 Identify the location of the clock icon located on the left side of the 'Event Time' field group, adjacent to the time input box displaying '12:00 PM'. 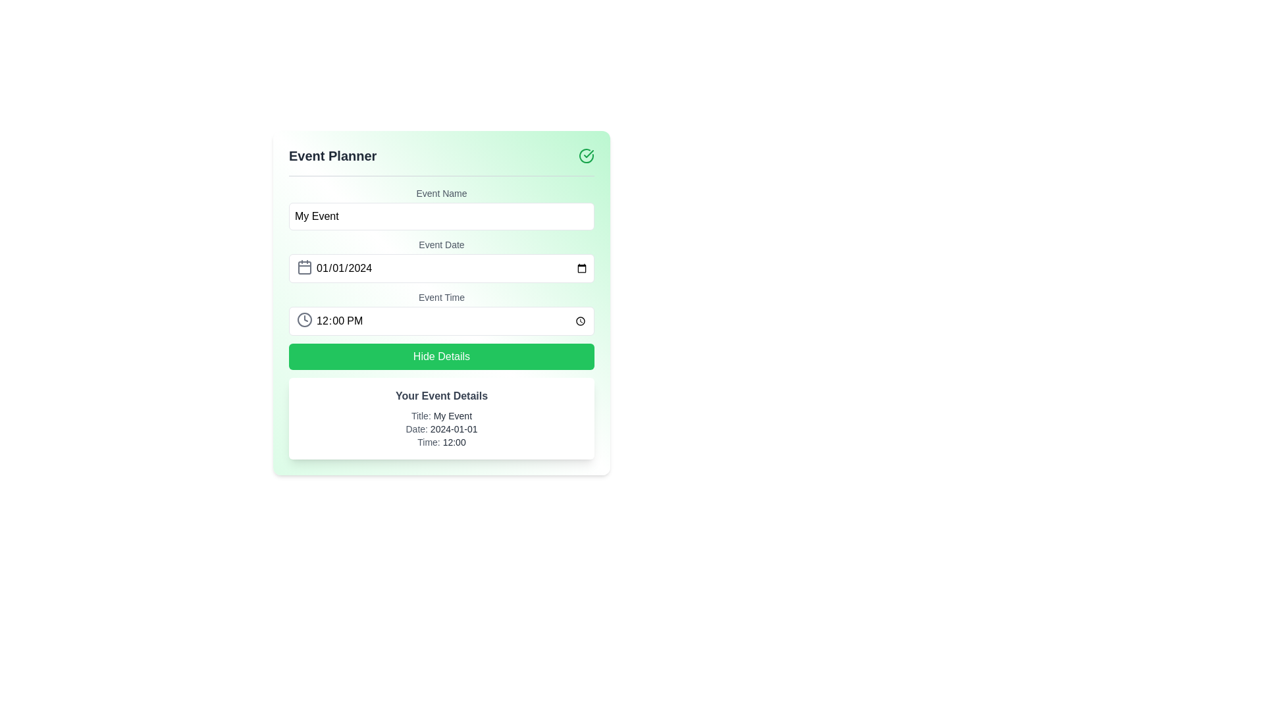
(303, 320).